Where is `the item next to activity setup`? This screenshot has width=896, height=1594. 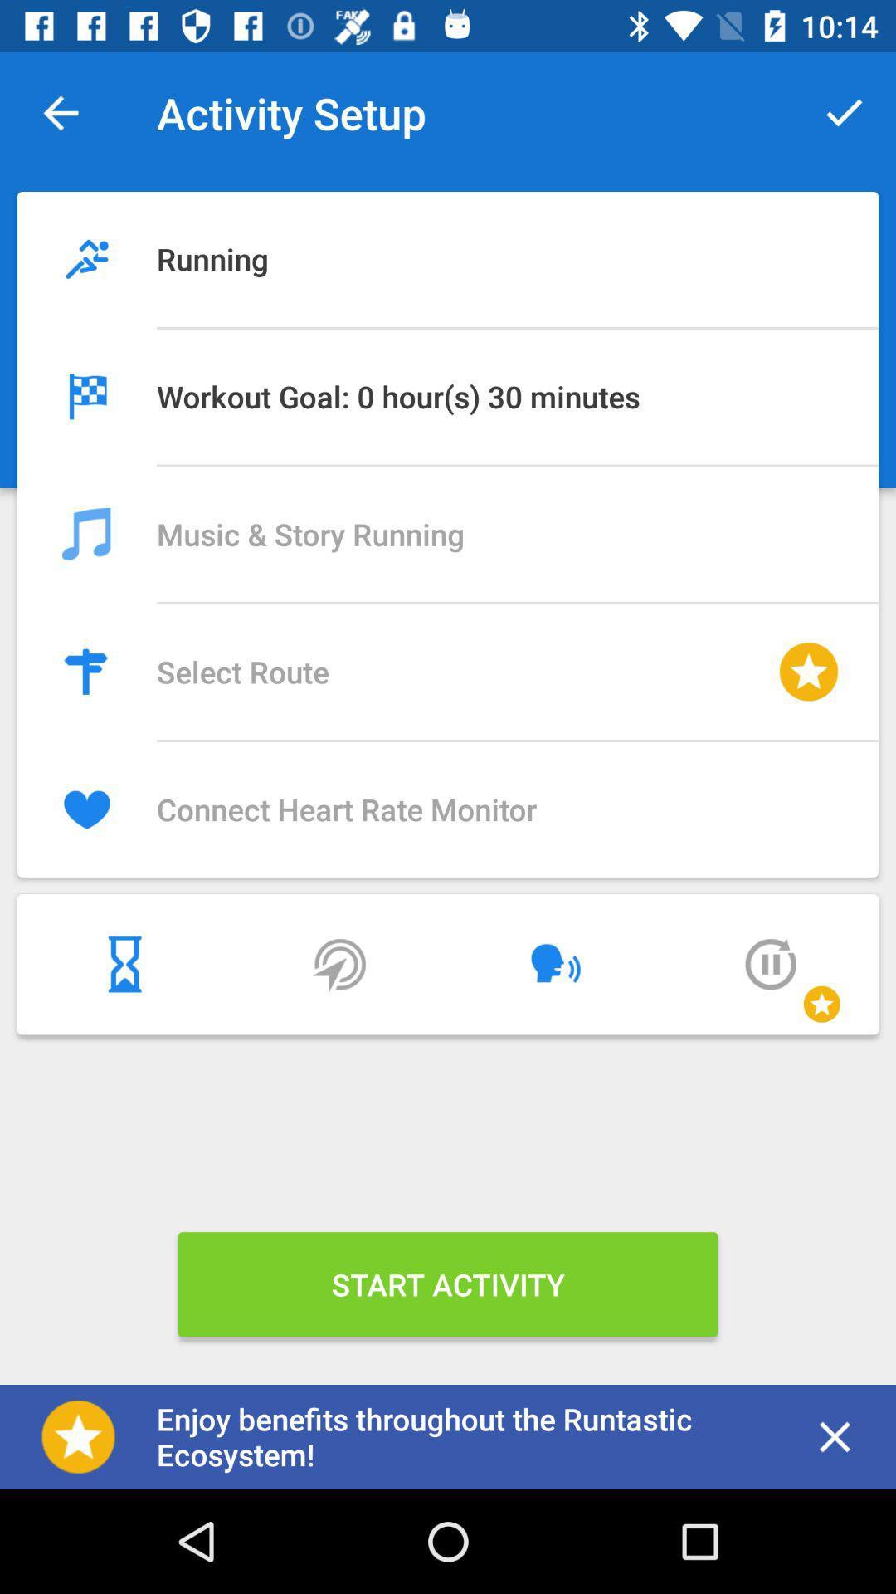 the item next to activity setup is located at coordinates (60, 112).